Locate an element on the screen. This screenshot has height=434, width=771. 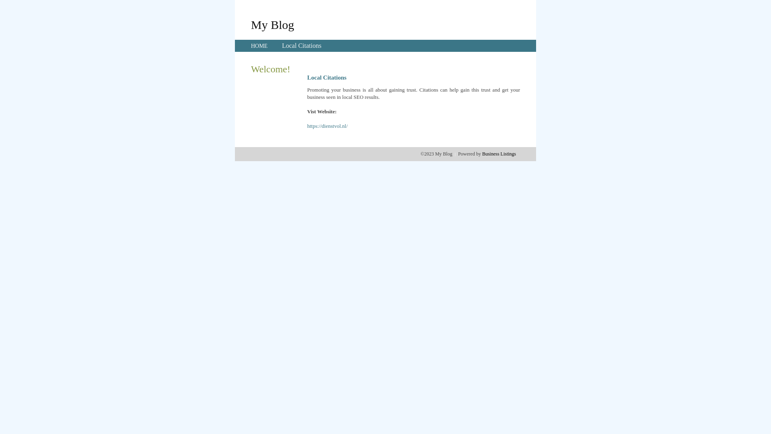
'https://dienstvol.nl/' is located at coordinates (327, 126).